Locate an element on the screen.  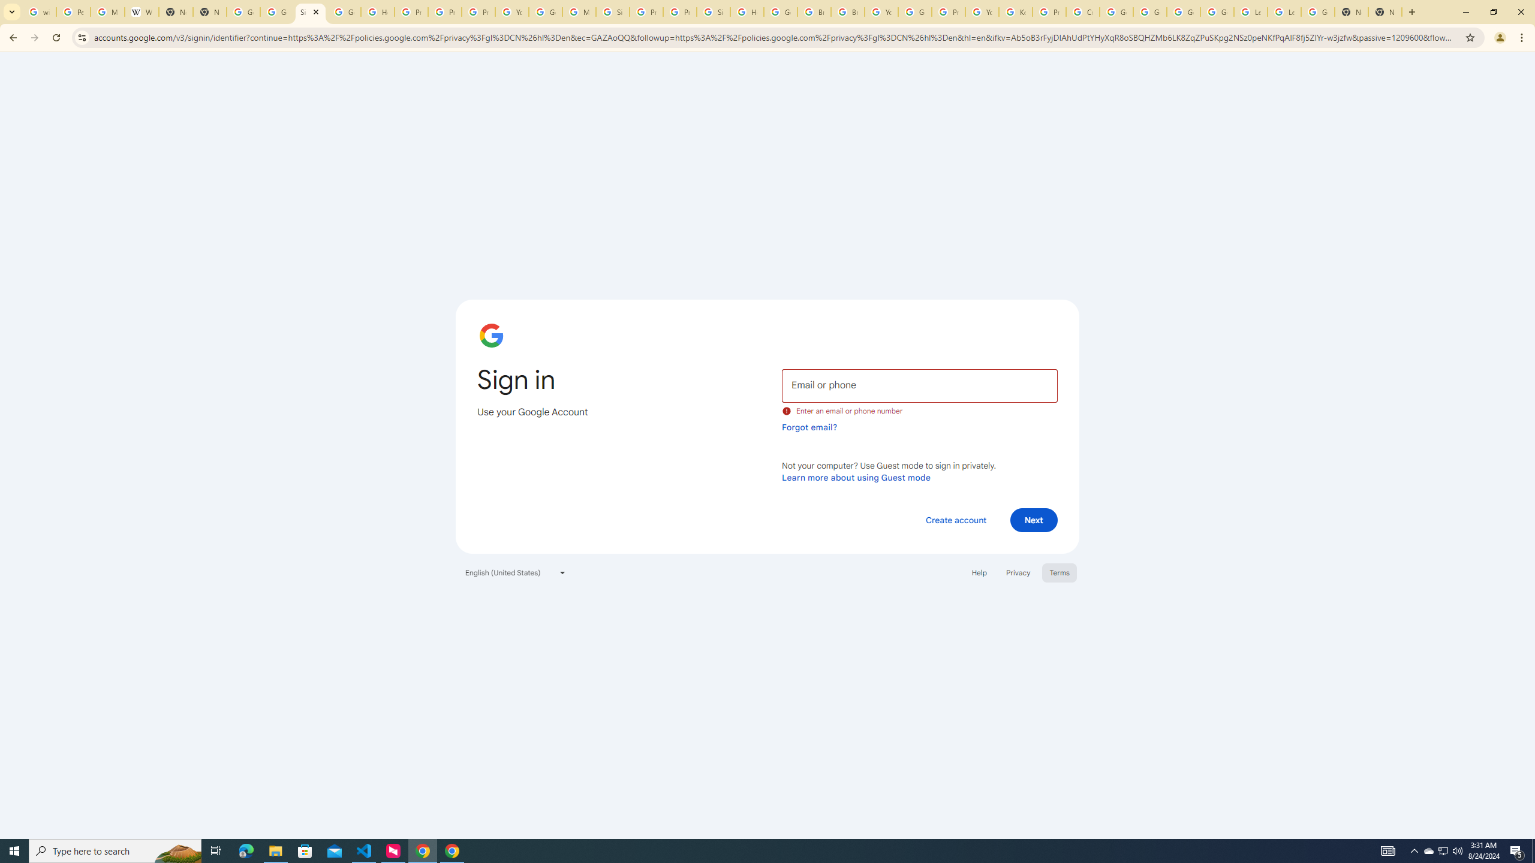
'Personalization & Google Search results - Google Search Help' is located at coordinates (73, 11).